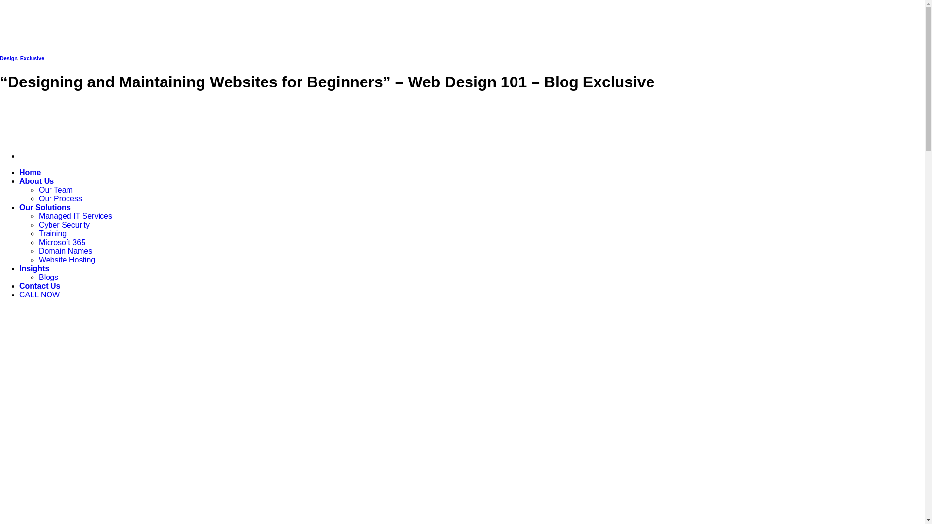 The image size is (932, 524). Describe the element at coordinates (19, 207) in the screenshot. I see `'Our Solutions'` at that location.